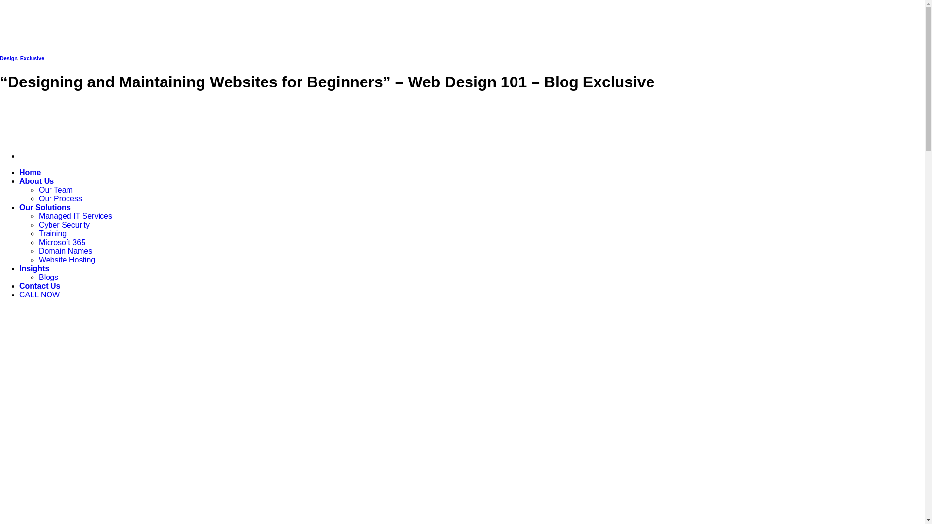 The image size is (932, 524). Describe the element at coordinates (19, 207) in the screenshot. I see `'Our Solutions'` at that location.